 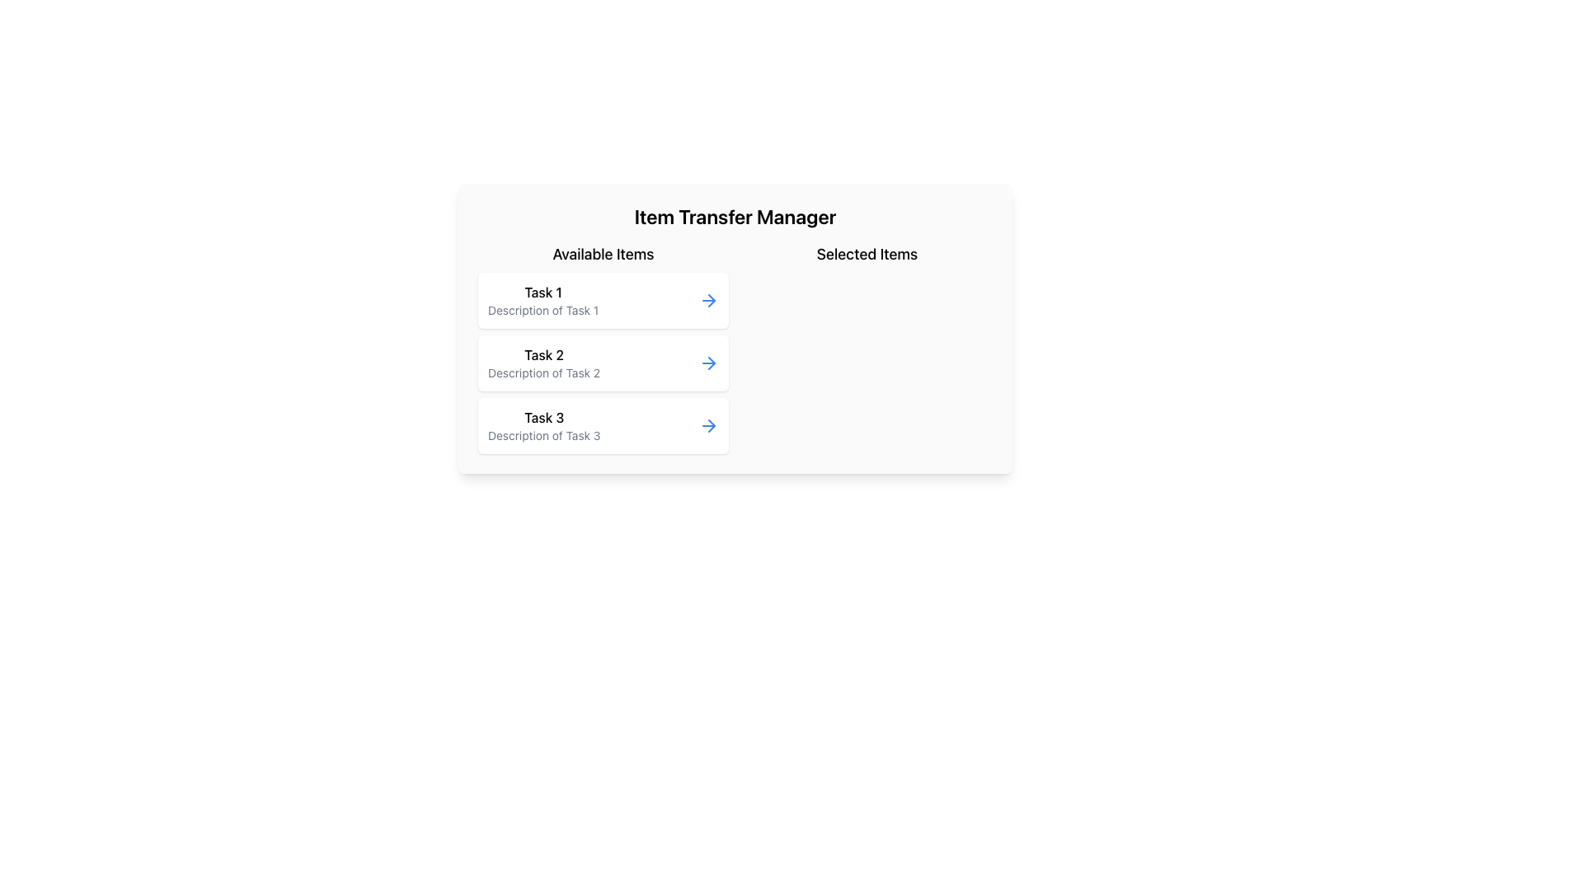 I want to click on the third list item displaying 'Task 3' under the 'Available Items' heading in the 'Item Transfer Manager' interface, so click(x=544, y=424).